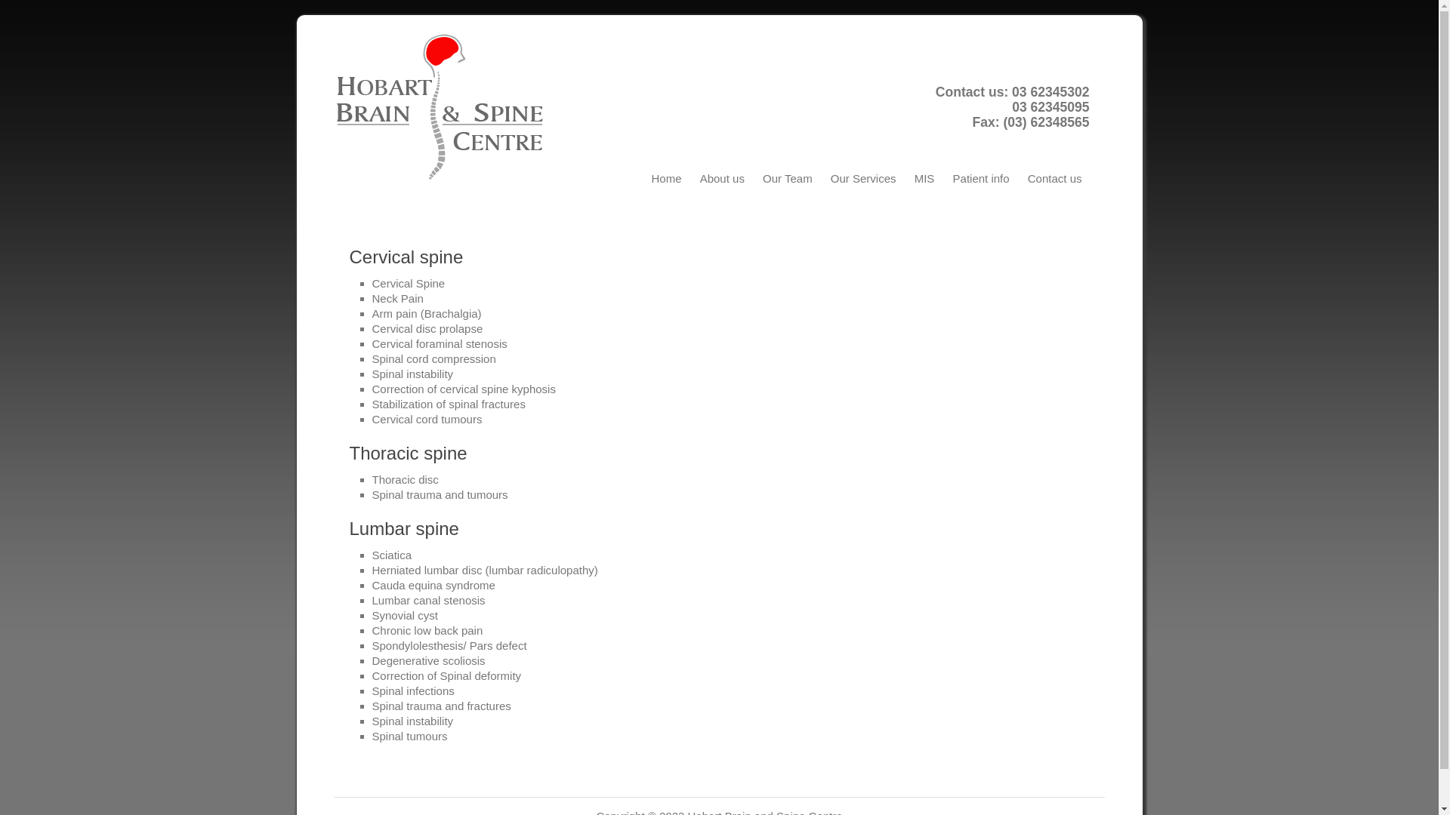  What do you see at coordinates (754, 177) in the screenshot?
I see `'Our Team'` at bounding box center [754, 177].